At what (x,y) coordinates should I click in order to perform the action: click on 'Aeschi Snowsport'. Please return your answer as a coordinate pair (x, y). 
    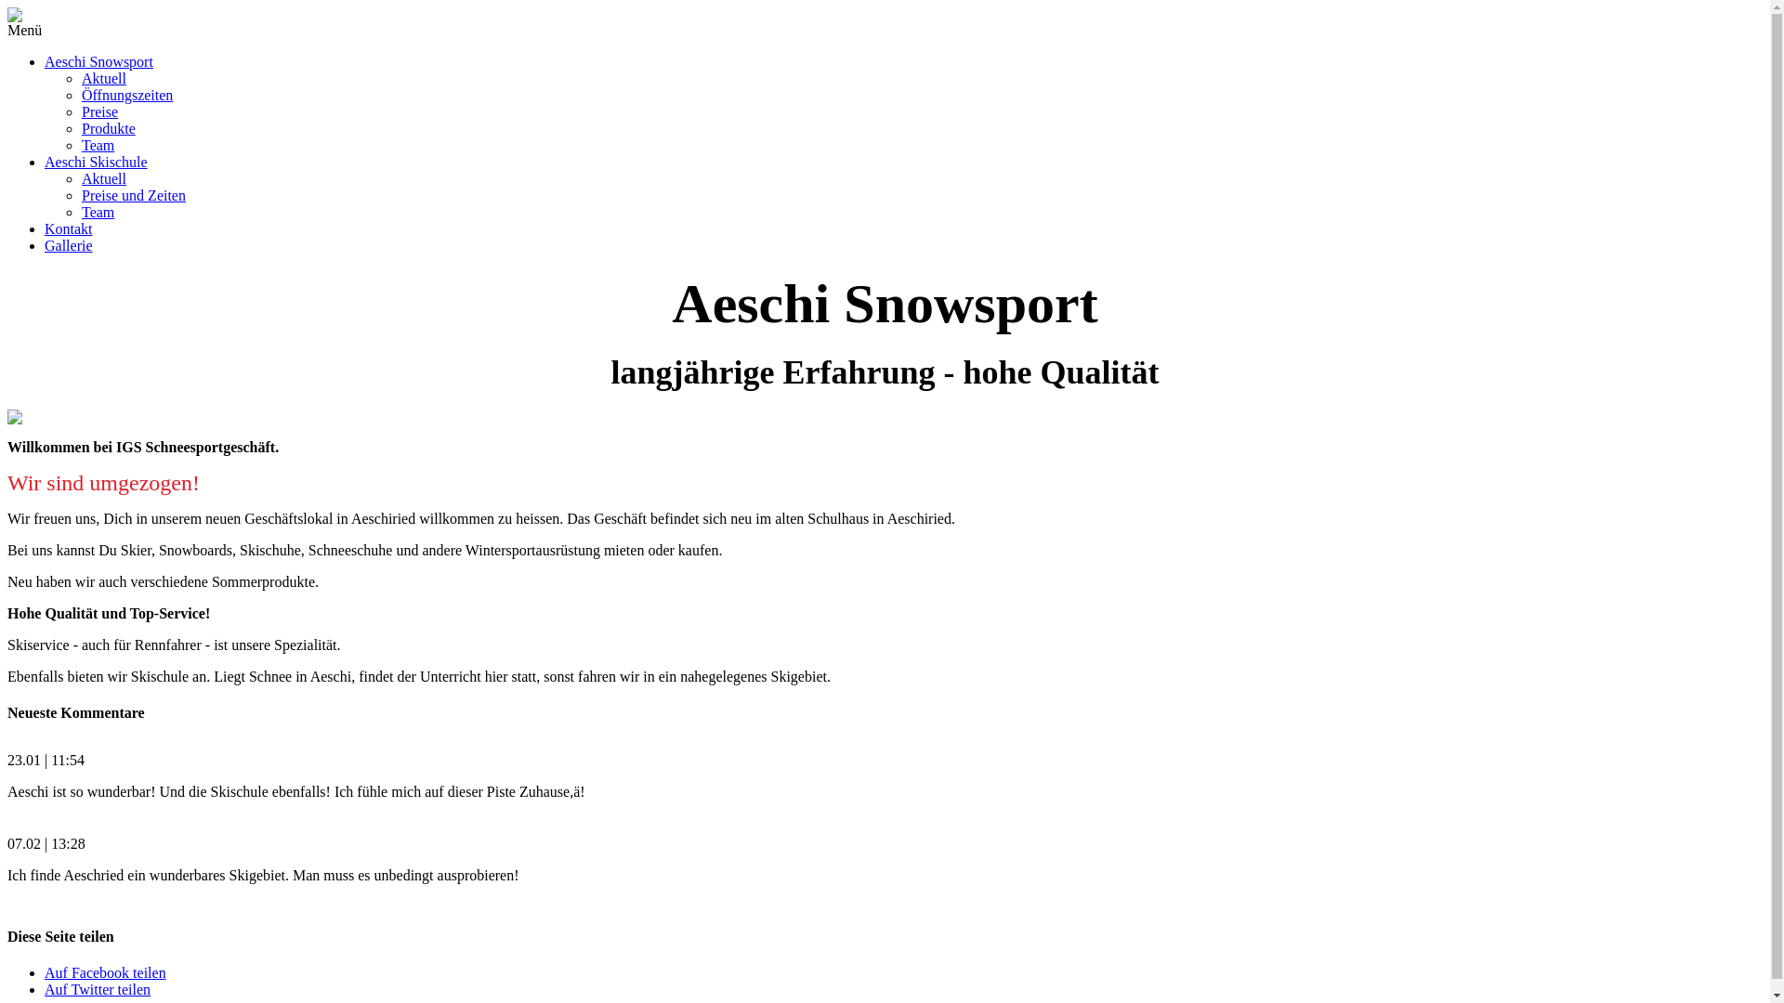
    Looking at the image, I should click on (98, 60).